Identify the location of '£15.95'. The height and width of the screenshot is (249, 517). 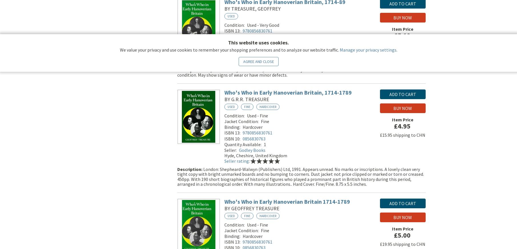
(386, 136).